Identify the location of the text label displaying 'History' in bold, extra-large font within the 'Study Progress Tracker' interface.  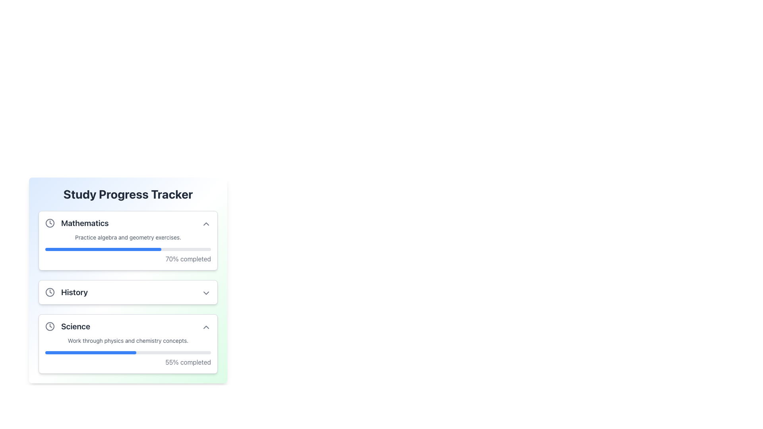
(74, 292).